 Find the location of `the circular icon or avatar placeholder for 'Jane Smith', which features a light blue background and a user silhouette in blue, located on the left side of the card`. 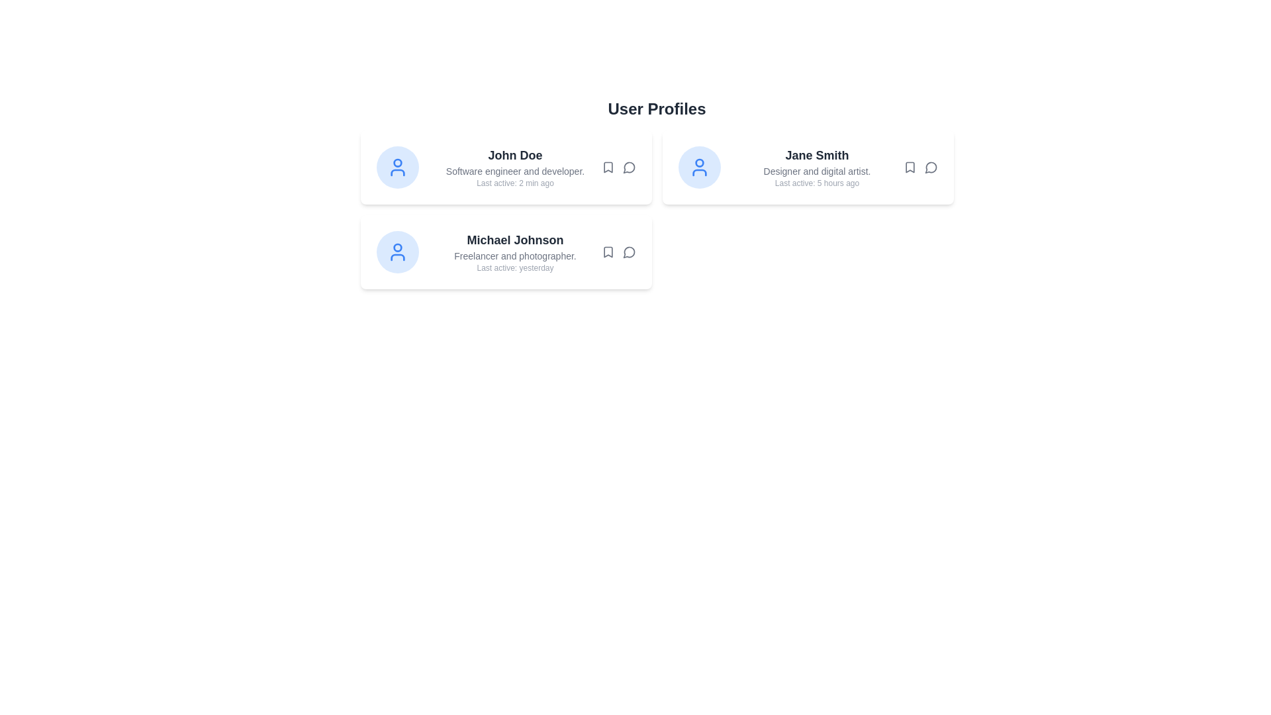

the circular icon or avatar placeholder for 'Jane Smith', which features a light blue background and a user silhouette in blue, located on the left side of the card is located at coordinates (698, 167).